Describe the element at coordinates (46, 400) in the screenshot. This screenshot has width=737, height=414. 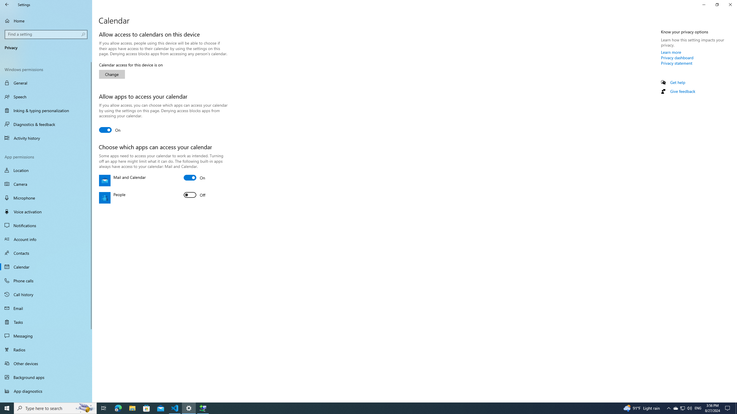
I see `'Automatic file downloads'` at that location.